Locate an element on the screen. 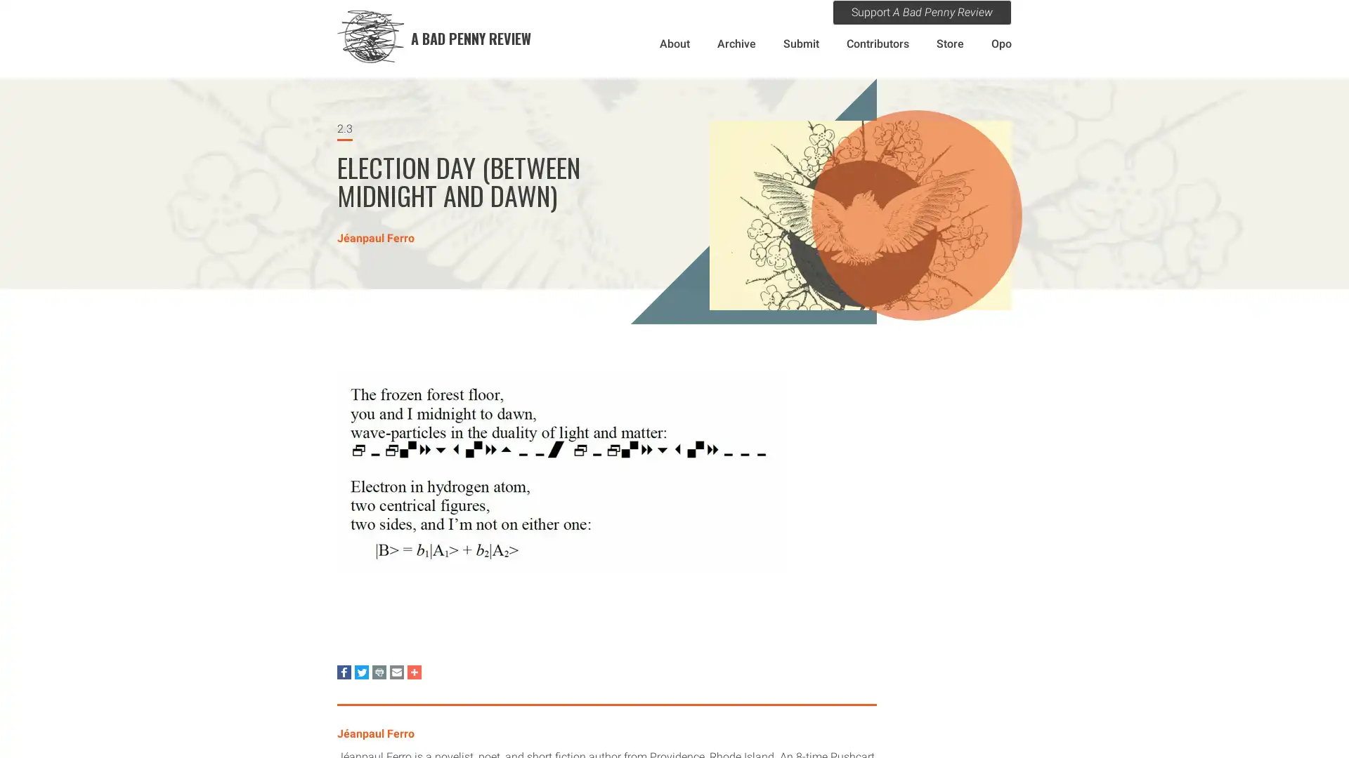 Image resolution: width=1349 pixels, height=758 pixels. Share to More is located at coordinates (414, 671).